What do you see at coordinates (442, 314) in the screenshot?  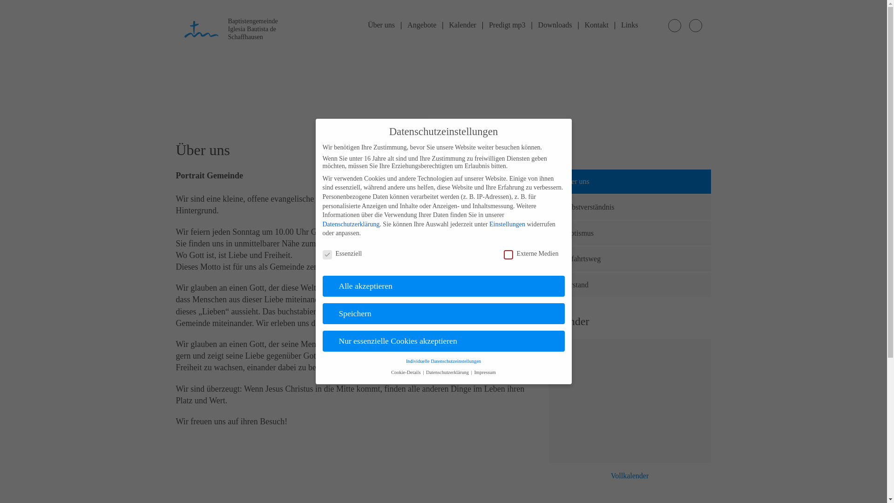 I see `'Speichern'` at bounding box center [442, 314].